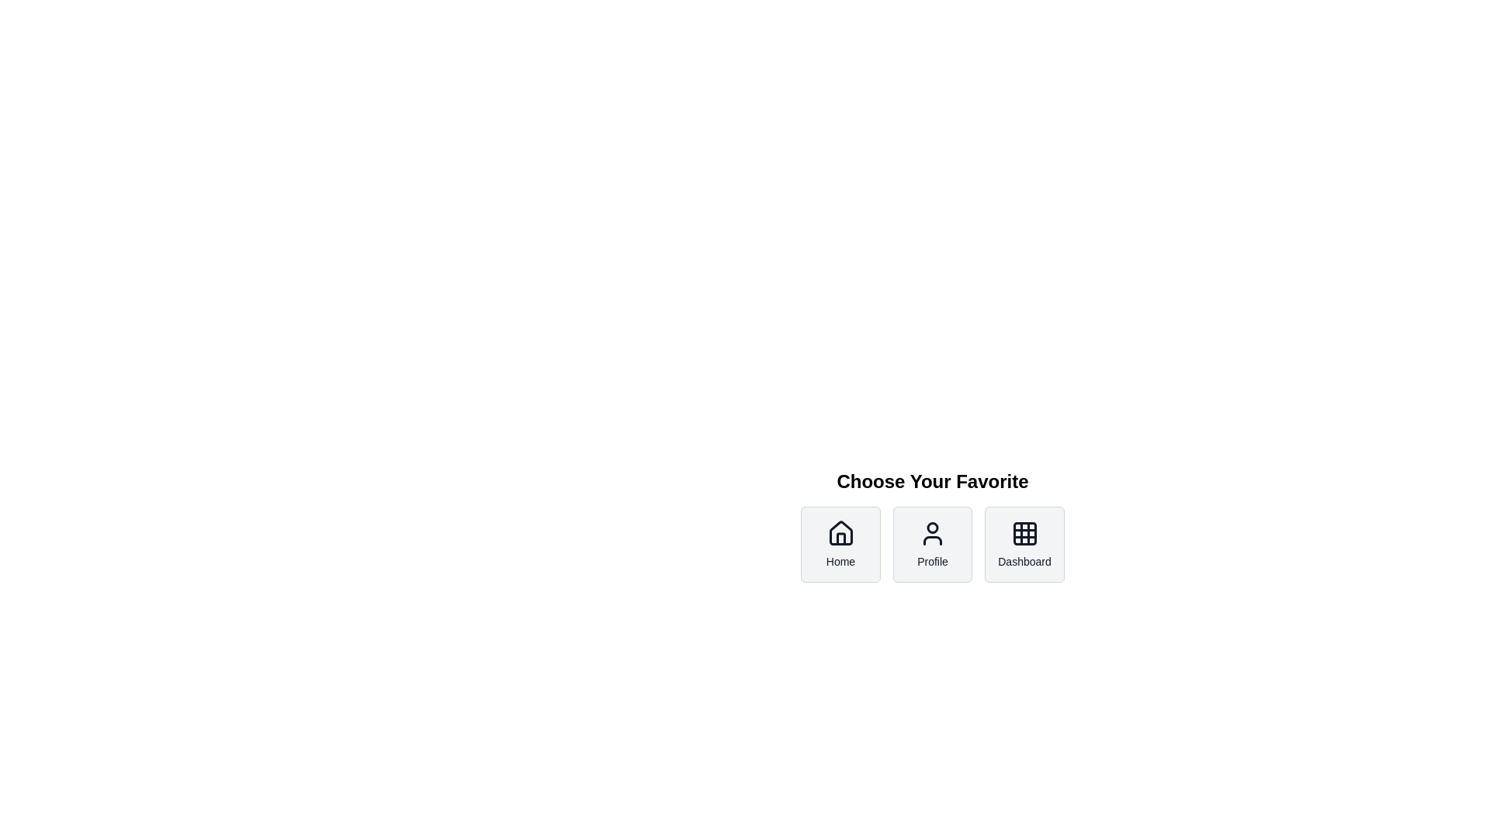  What do you see at coordinates (840, 544) in the screenshot?
I see `the navigation button located in the bottom-right part of the interface` at bounding box center [840, 544].